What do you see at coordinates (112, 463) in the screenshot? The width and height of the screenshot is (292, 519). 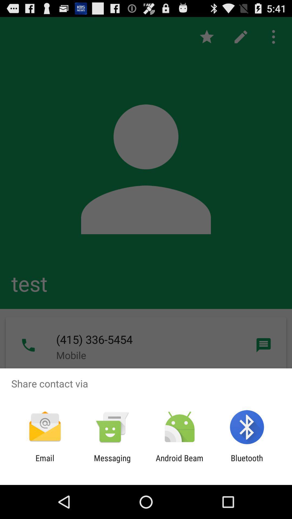 I see `the messaging` at bounding box center [112, 463].